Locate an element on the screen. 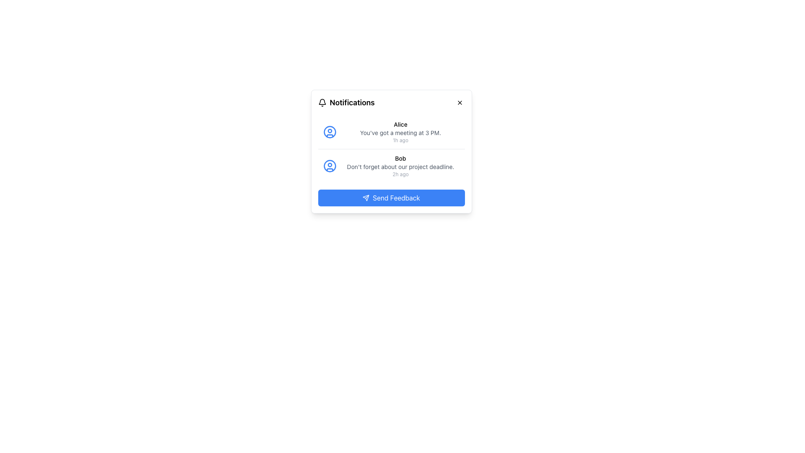 The height and width of the screenshot is (453, 805). the close button located at the top-right corner of the notification panel is located at coordinates (459, 102).